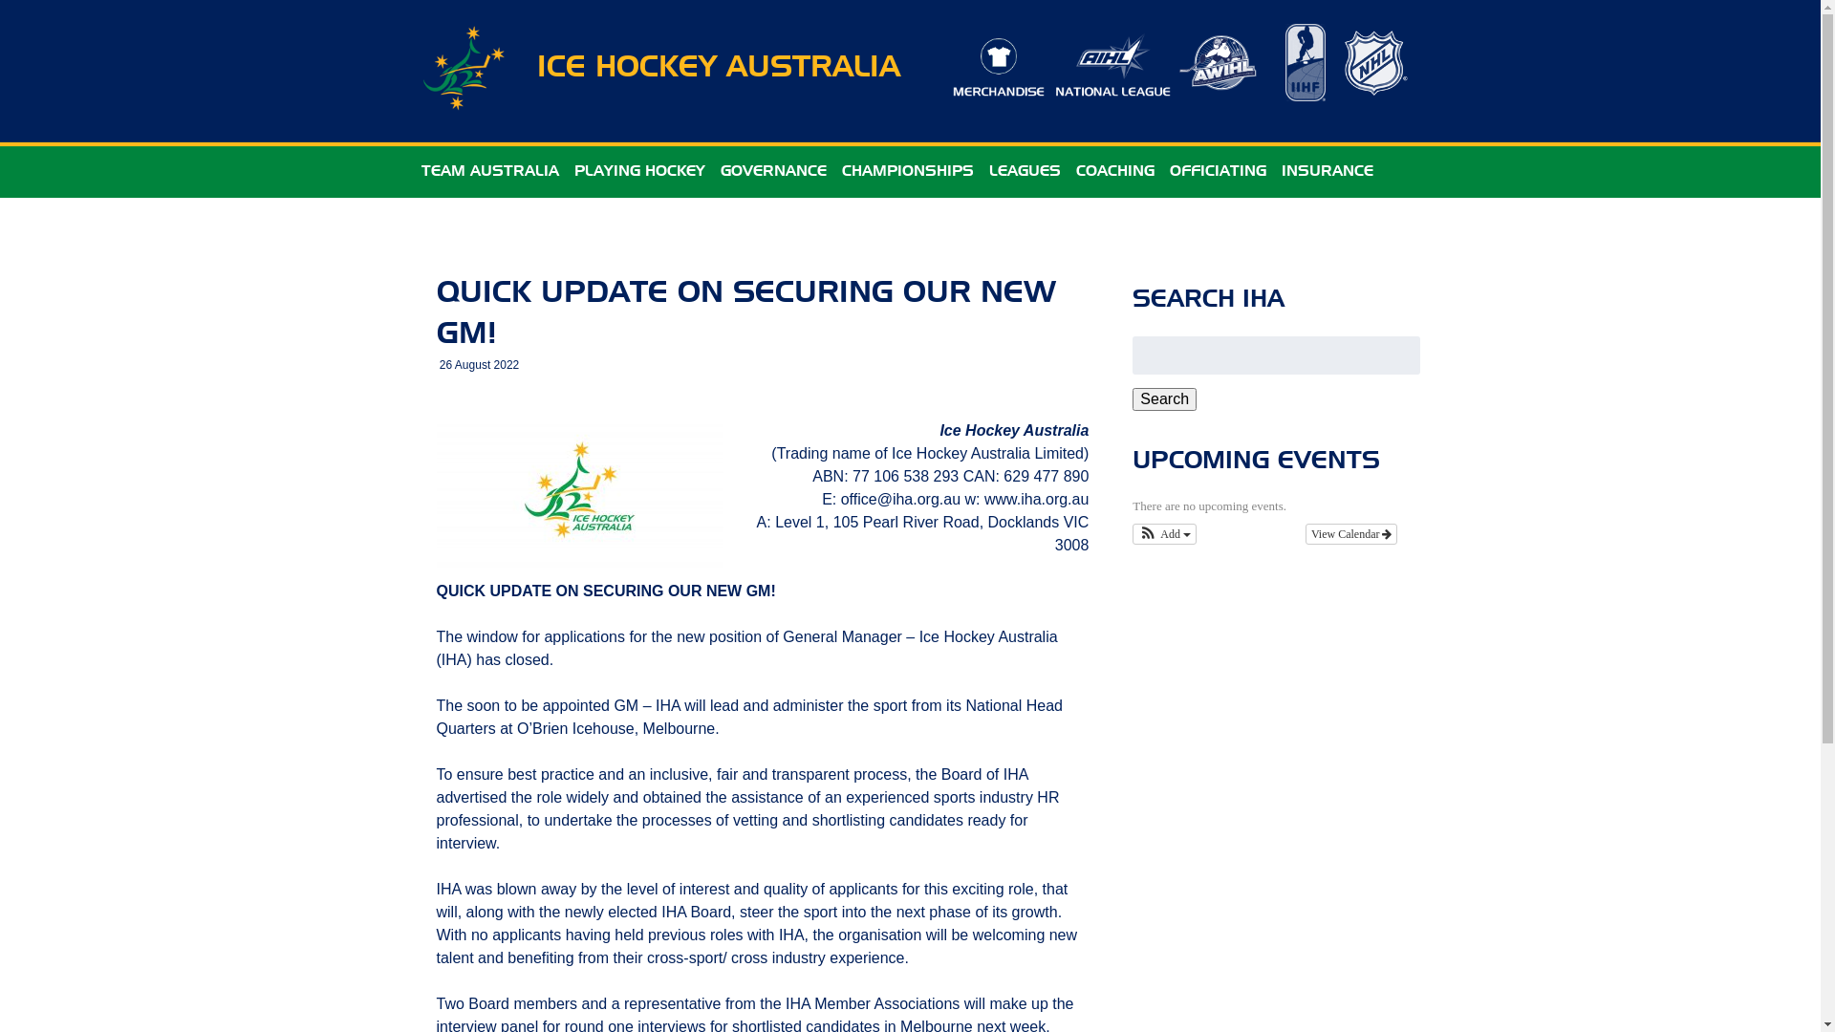 This screenshot has width=1835, height=1032. Describe the element at coordinates (1350, 534) in the screenshot. I see `'View Calendar'` at that location.